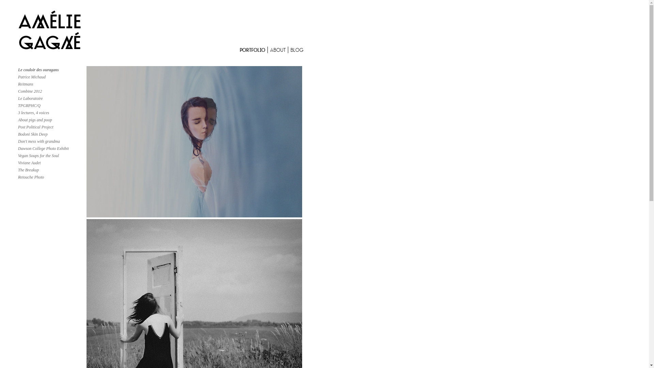 The width and height of the screenshot is (654, 368). What do you see at coordinates (297, 50) in the screenshot?
I see `'BLOG'` at bounding box center [297, 50].